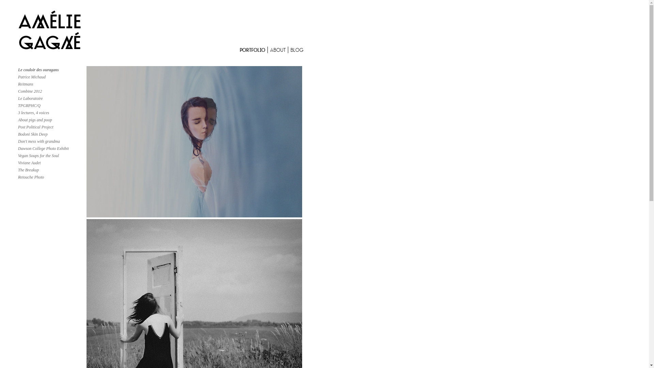 The width and height of the screenshot is (654, 368). What do you see at coordinates (297, 50) in the screenshot?
I see `'BLOG'` at bounding box center [297, 50].